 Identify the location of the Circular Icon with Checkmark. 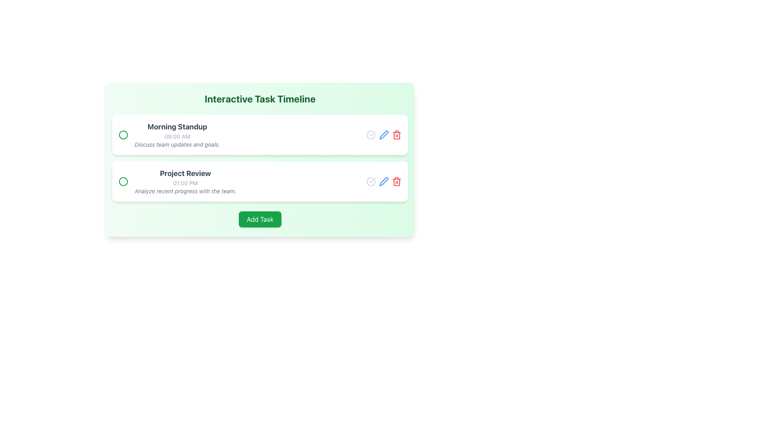
(370, 181).